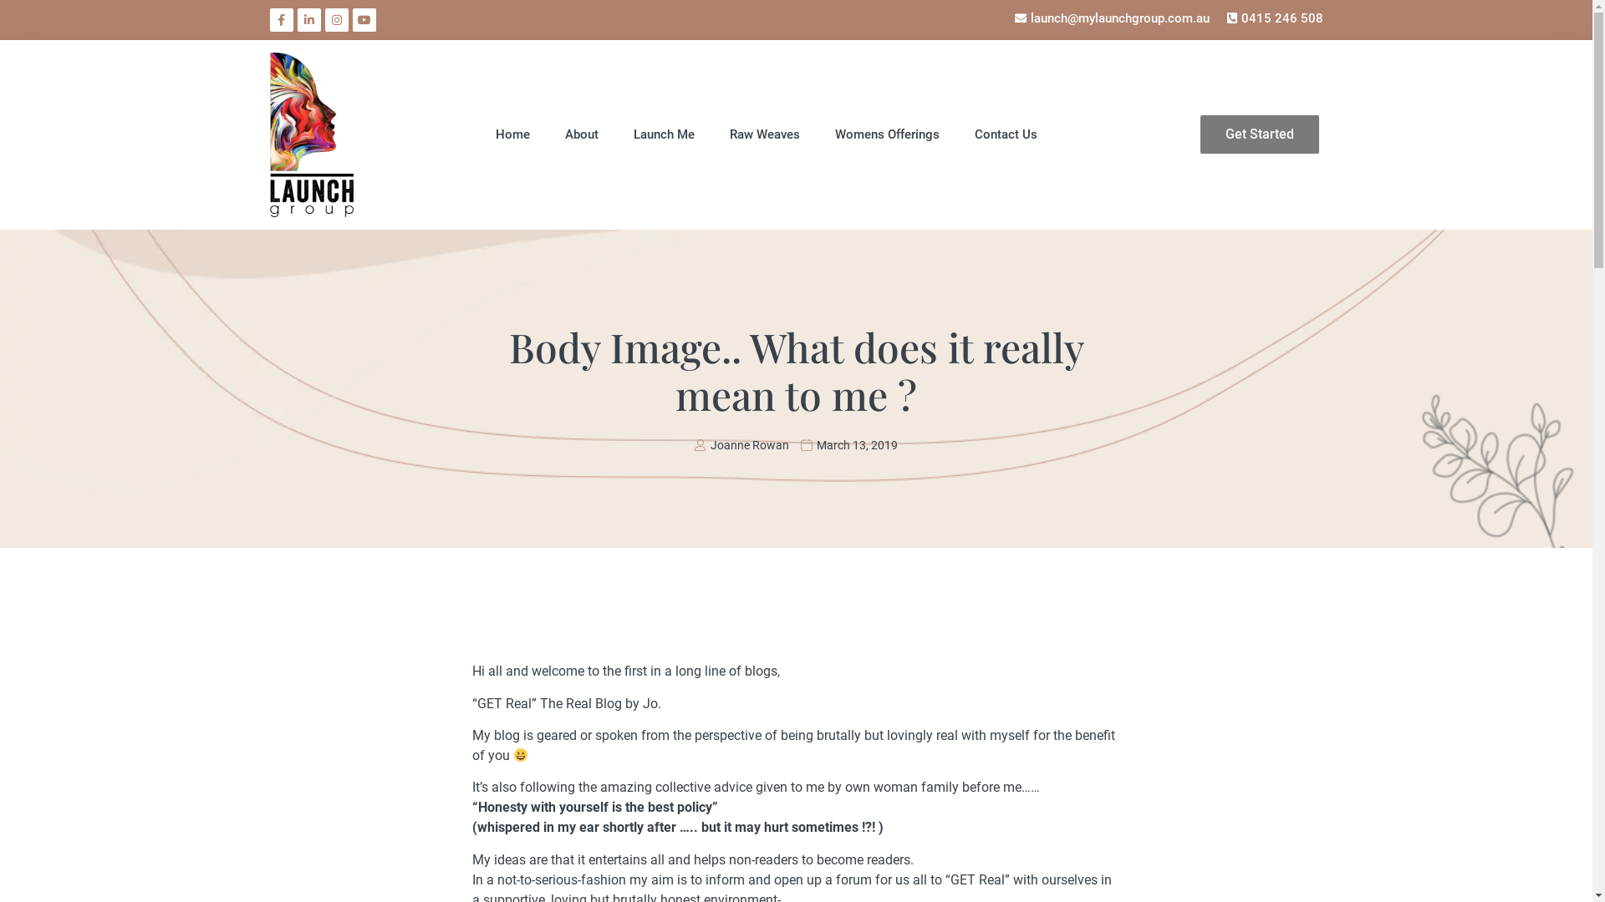 The width and height of the screenshot is (1605, 902). I want to click on '0415 246 508', so click(1271, 18).